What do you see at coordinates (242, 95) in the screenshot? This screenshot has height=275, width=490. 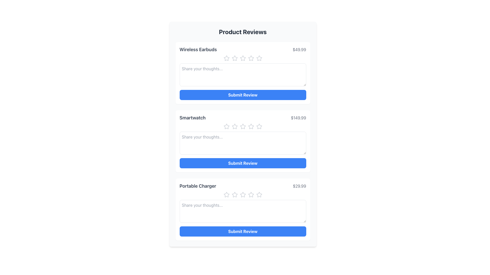 I see `the submission button for the product review of 'Wireless Earbuds' priced at $49.99` at bounding box center [242, 95].